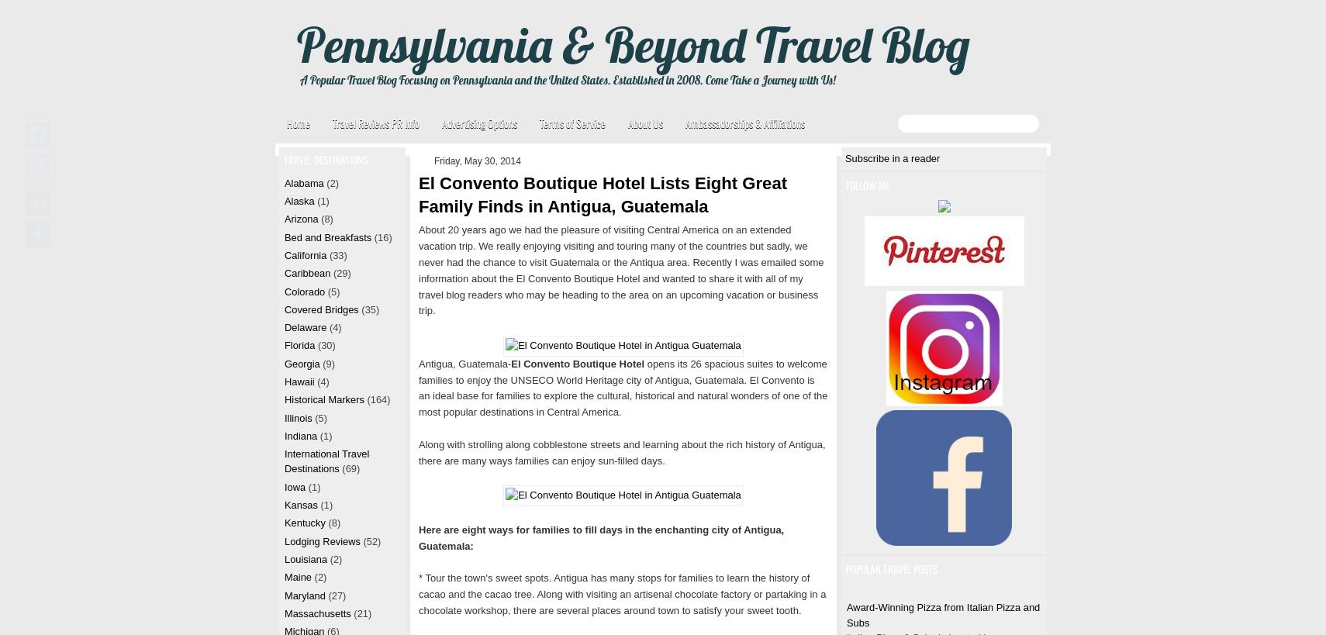 The height and width of the screenshot is (635, 1326). What do you see at coordinates (299, 345) in the screenshot?
I see `'Florida'` at bounding box center [299, 345].